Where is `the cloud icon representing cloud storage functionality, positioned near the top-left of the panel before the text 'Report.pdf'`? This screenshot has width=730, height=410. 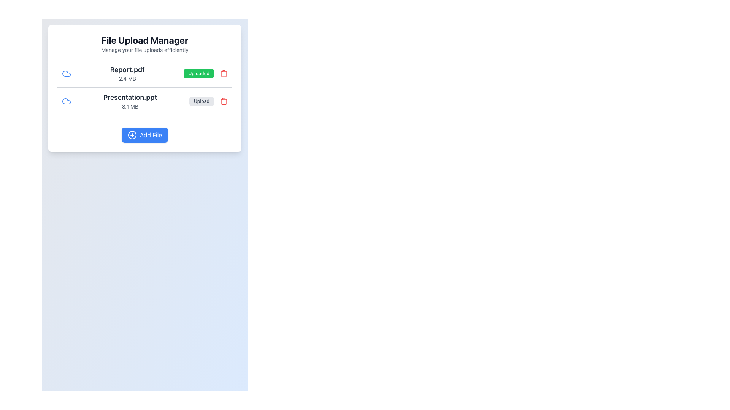 the cloud icon representing cloud storage functionality, positioned near the top-left of the panel before the text 'Report.pdf' is located at coordinates (66, 101).